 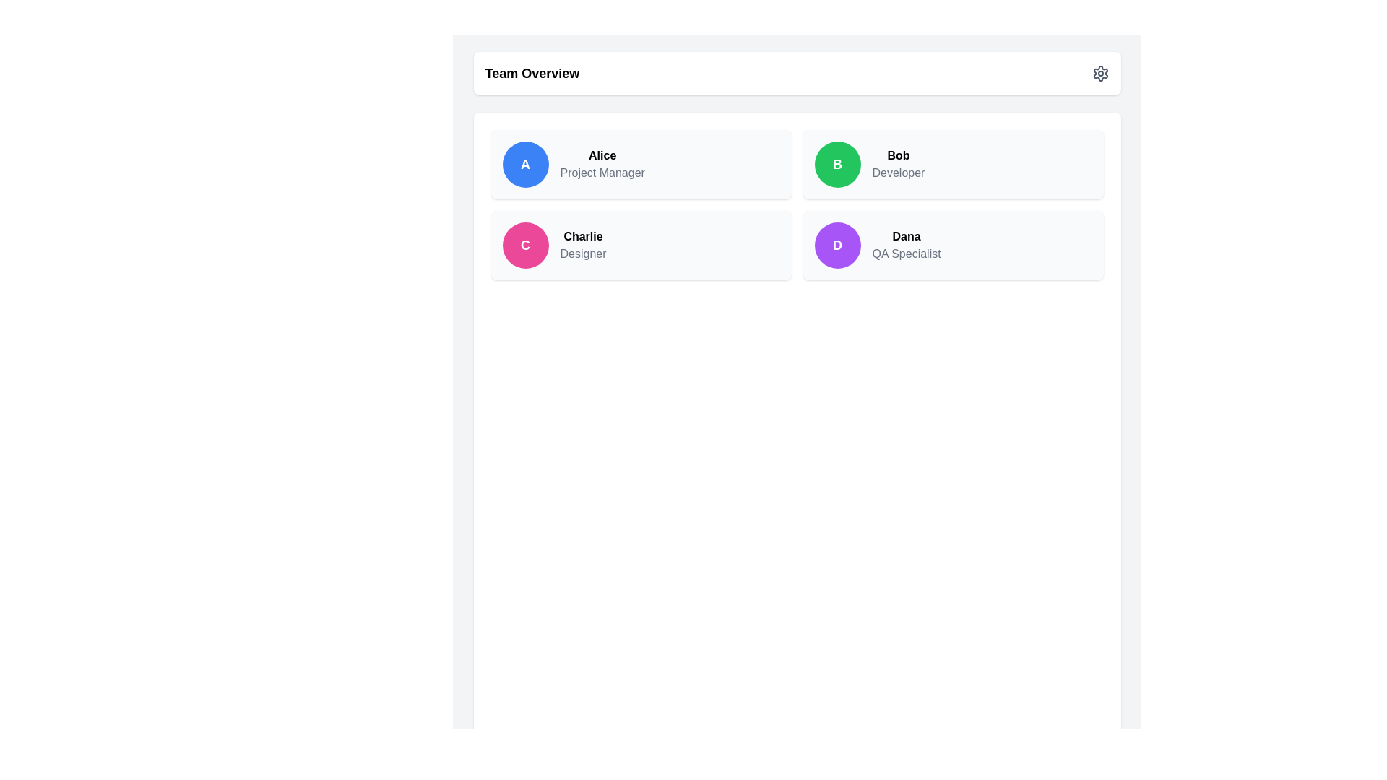 What do you see at coordinates (906, 244) in the screenshot?
I see `the text display containing 'Dana' in bold and 'QA Specialist' in gray, located inside the fourth card in the grid layout at the bottom-right corner, next to a purple circle with the letter 'D'` at bounding box center [906, 244].